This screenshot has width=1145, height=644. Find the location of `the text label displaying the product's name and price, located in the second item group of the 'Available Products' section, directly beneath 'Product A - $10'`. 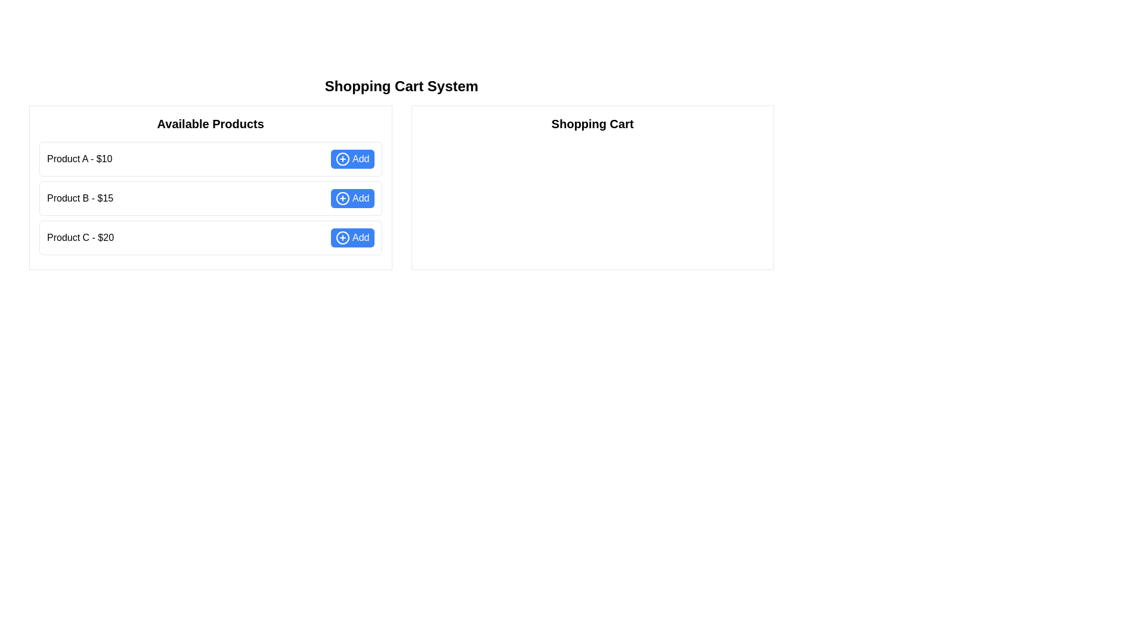

the text label displaying the product's name and price, located in the second item group of the 'Available Products' section, directly beneath 'Product A - $10' is located at coordinates (79, 197).